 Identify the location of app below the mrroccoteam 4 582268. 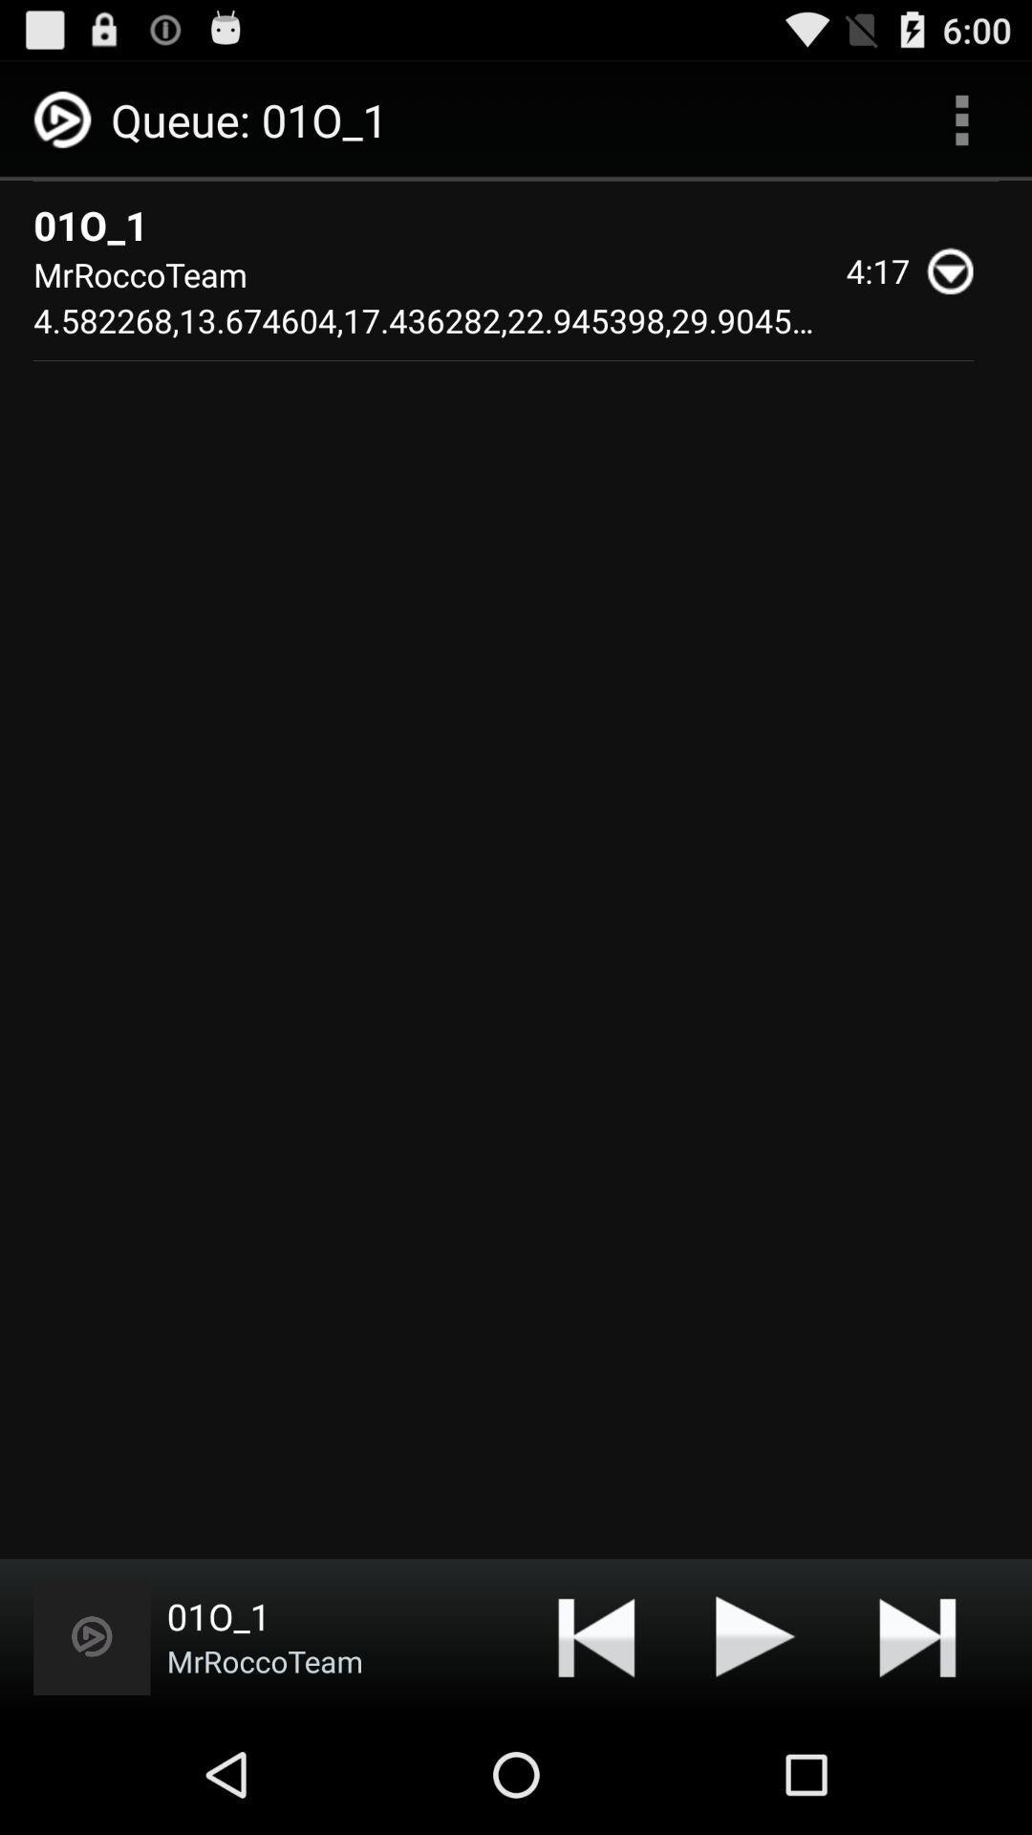
(916, 1635).